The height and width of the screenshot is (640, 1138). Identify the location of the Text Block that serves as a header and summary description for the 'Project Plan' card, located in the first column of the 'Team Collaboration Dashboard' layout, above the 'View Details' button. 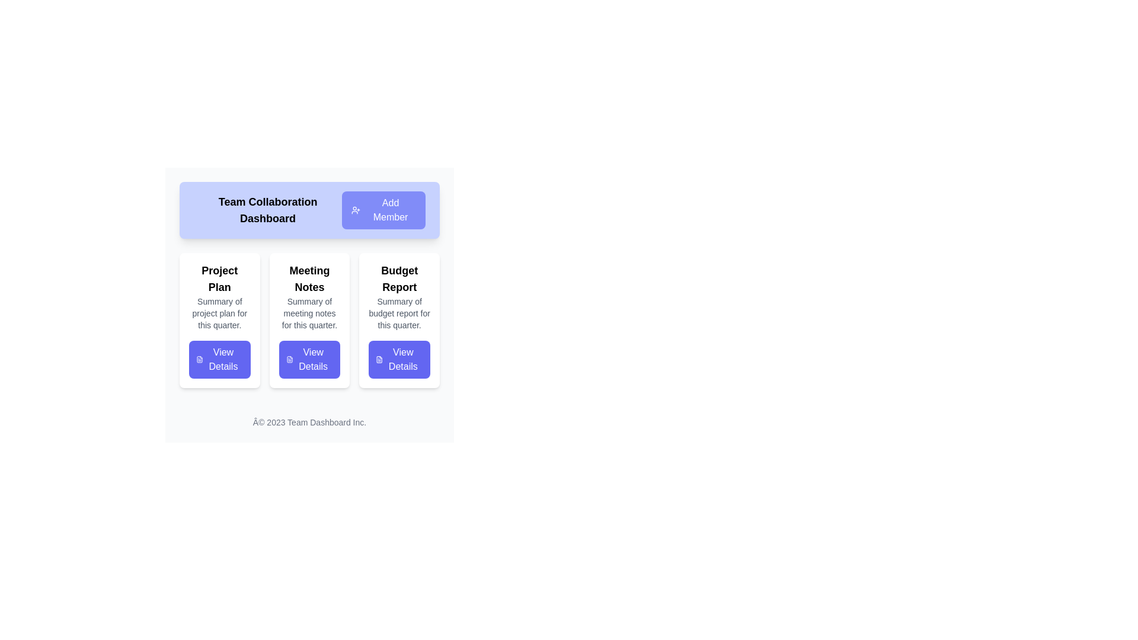
(219, 296).